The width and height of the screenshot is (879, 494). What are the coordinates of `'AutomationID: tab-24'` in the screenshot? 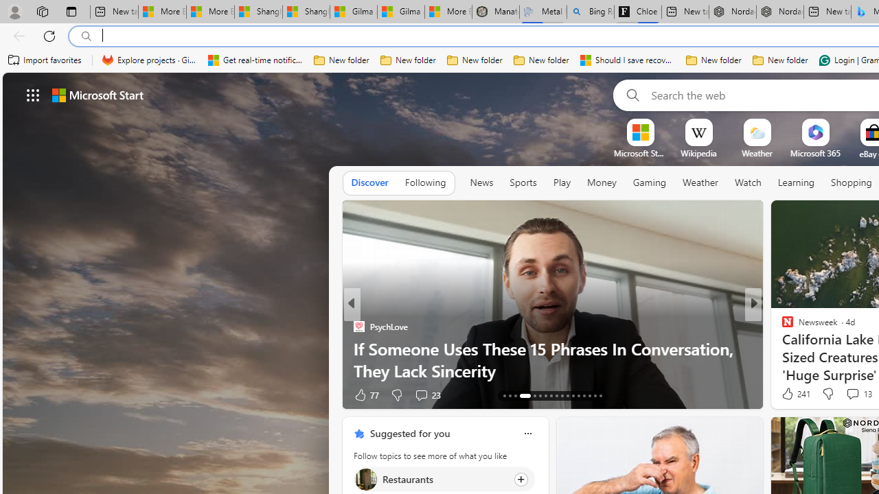 It's located at (572, 396).